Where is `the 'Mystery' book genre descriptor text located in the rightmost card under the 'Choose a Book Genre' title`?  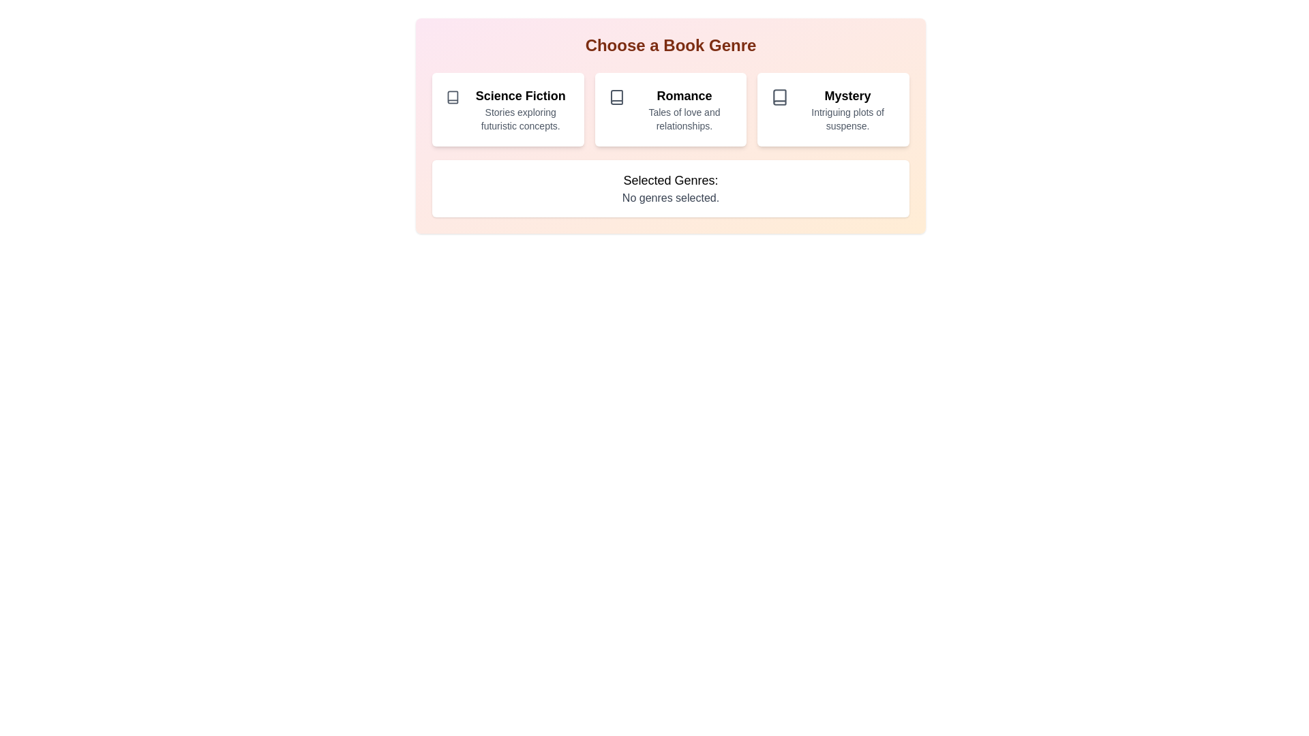 the 'Mystery' book genre descriptor text located in the rightmost card under the 'Choose a Book Genre' title is located at coordinates (847, 109).